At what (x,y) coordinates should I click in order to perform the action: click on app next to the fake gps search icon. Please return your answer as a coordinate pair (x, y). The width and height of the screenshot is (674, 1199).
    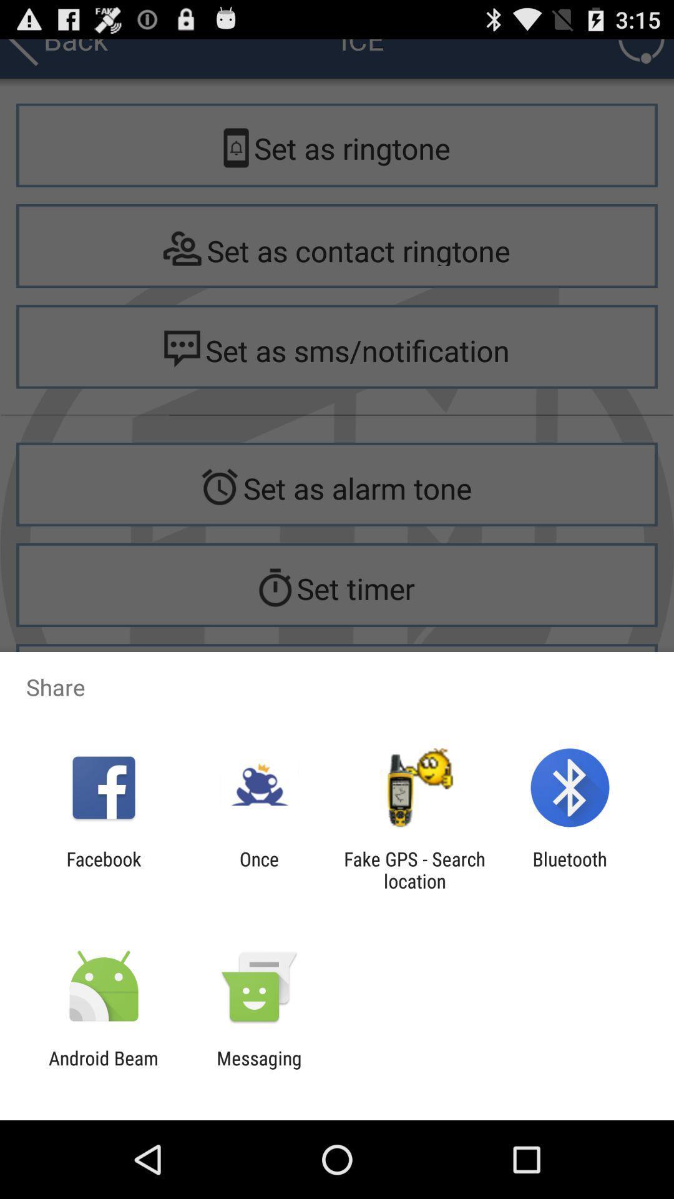
    Looking at the image, I should click on (570, 869).